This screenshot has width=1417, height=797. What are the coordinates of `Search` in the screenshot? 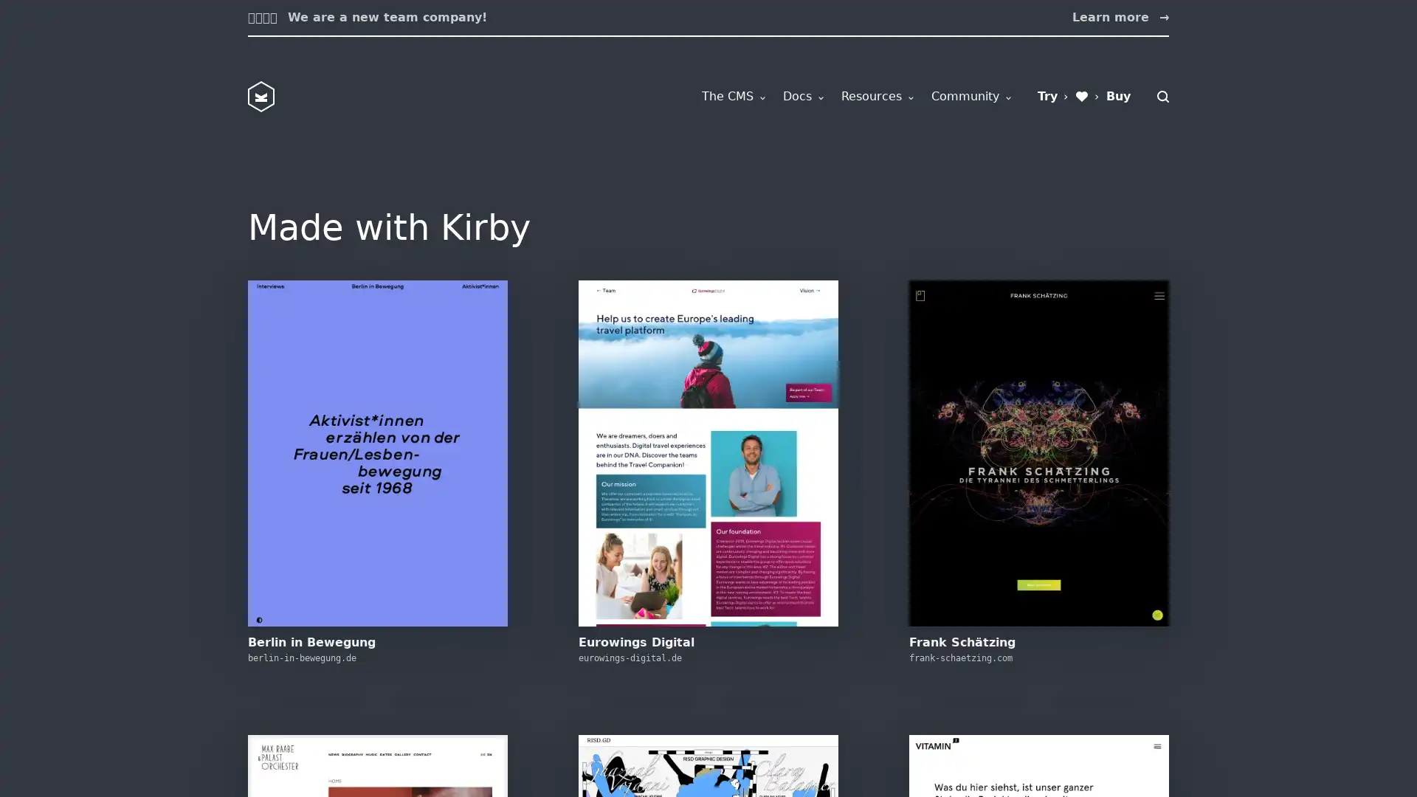 It's located at (1162, 97).